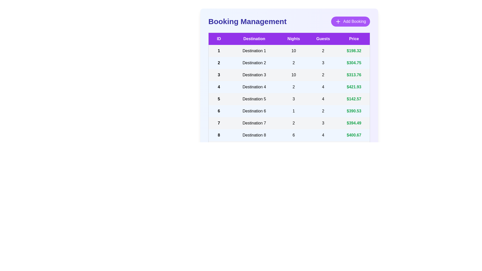 This screenshot has height=271, width=482. What do you see at coordinates (254, 38) in the screenshot?
I see `the column header Destination to sort the table by that column` at bounding box center [254, 38].